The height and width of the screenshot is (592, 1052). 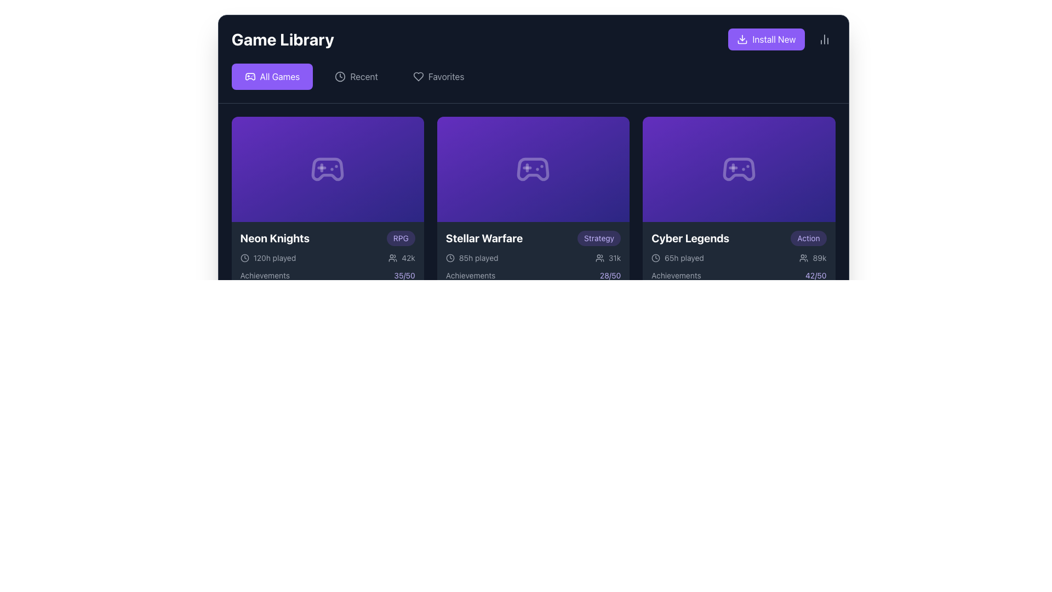 I want to click on the 'Favorites' text label in the header section, so click(x=446, y=76).